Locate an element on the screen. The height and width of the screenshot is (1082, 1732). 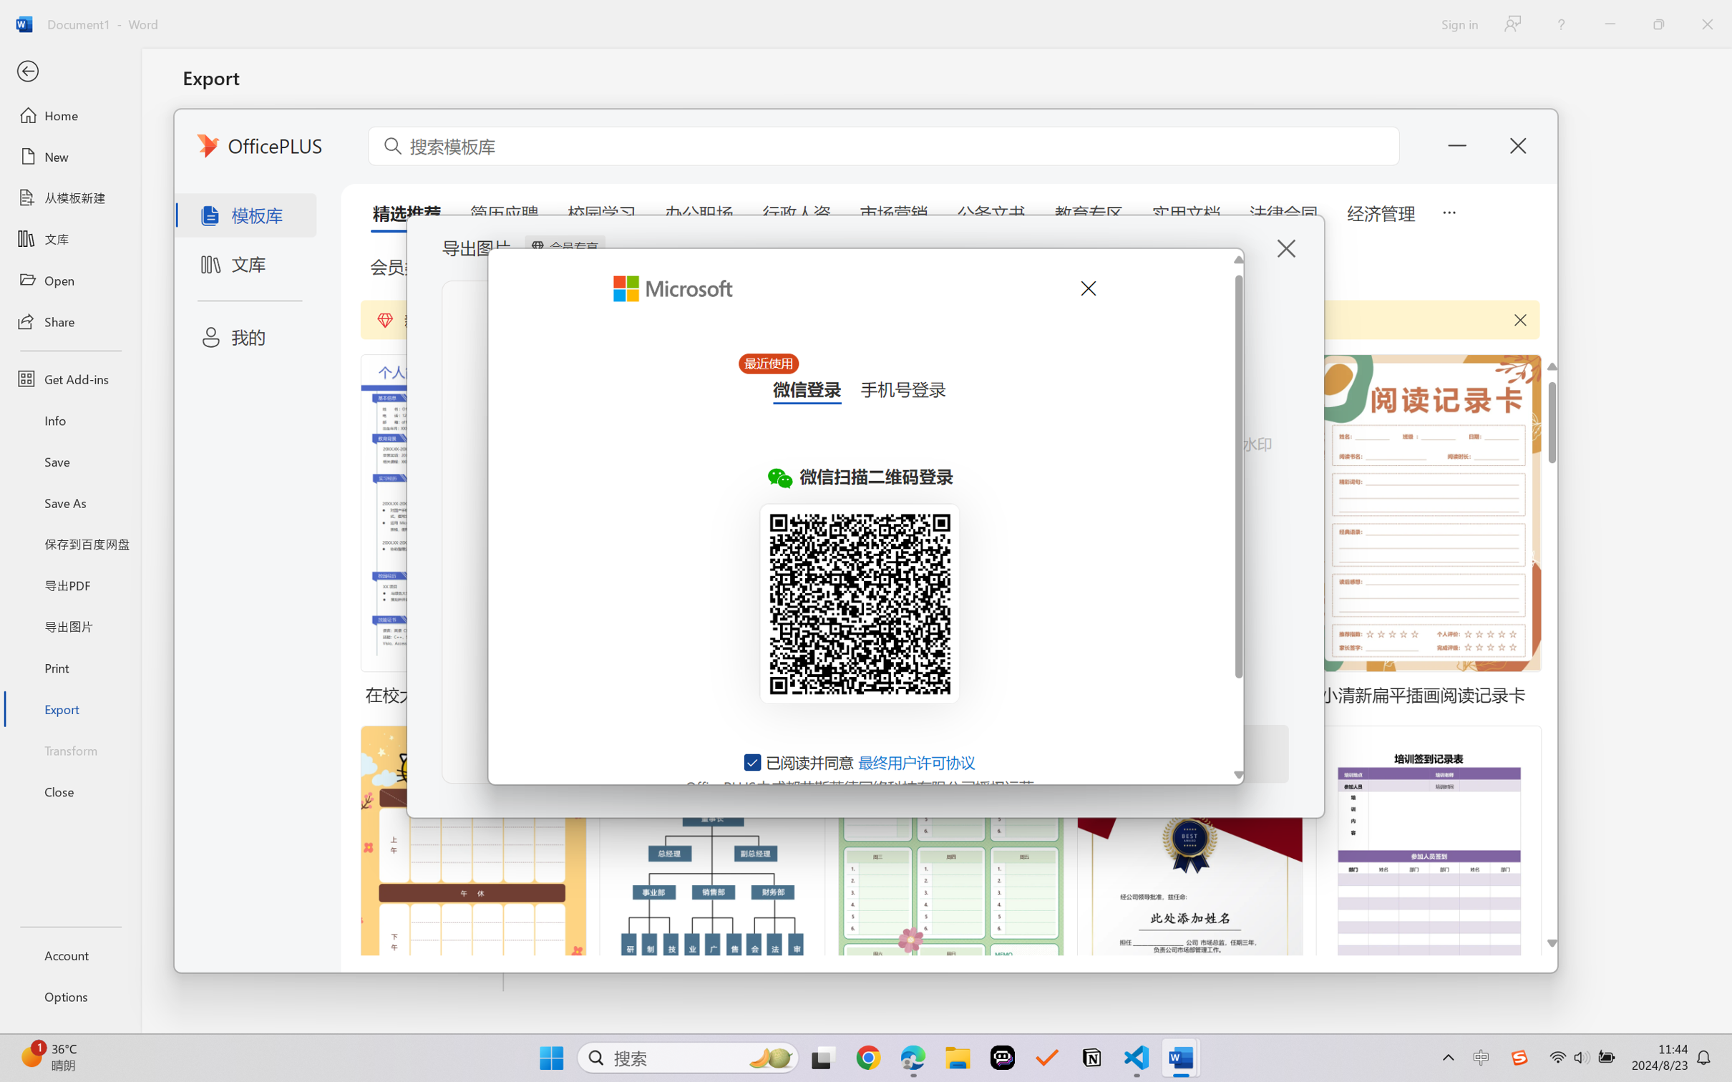
'Print' is located at coordinates (69, 668).